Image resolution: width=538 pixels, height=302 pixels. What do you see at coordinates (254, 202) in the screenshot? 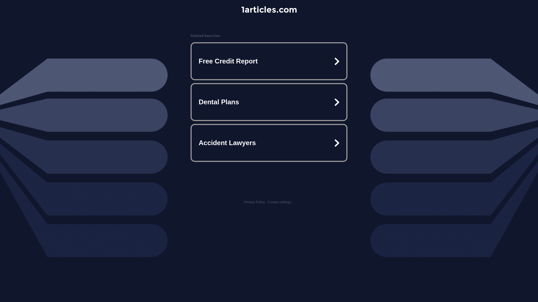
I see `'Privacy Policy'` at bounding box center [254, 202].